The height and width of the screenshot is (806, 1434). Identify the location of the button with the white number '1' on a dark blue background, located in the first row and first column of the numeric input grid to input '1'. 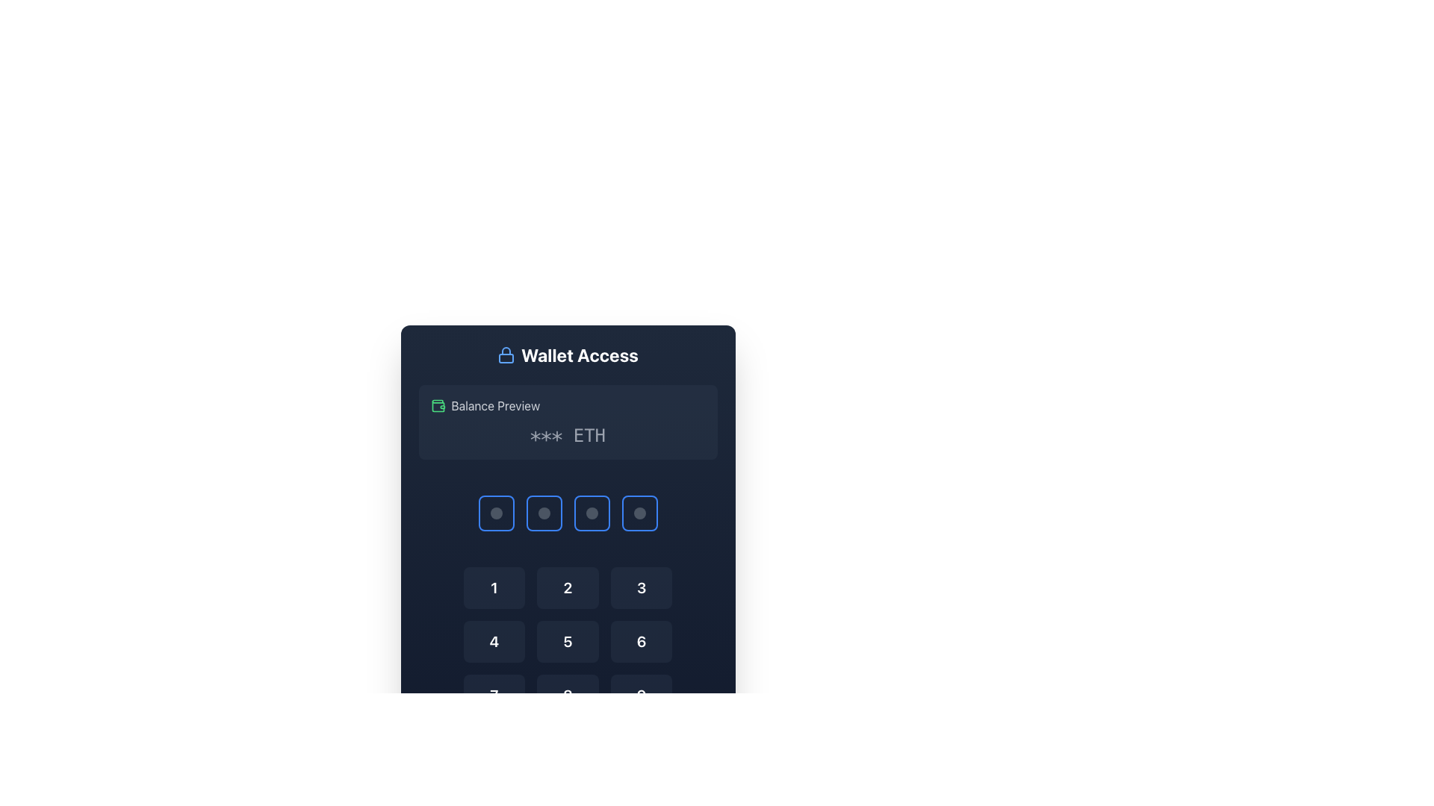
(494, 587).